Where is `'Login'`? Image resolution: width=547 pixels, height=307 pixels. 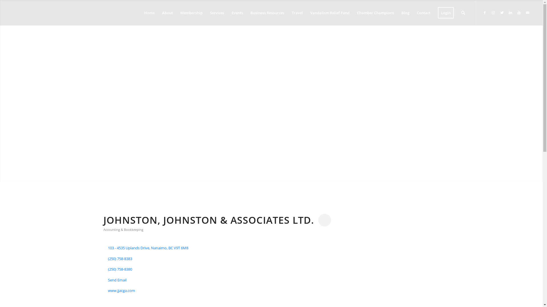 'Login' is located at coordinates (445, 13).